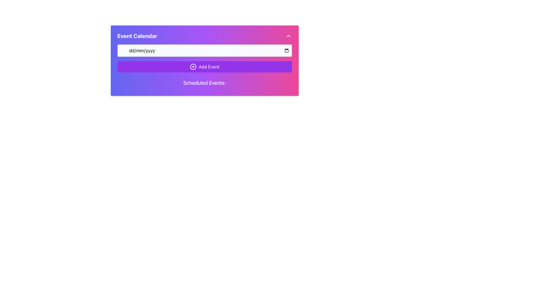 The height and width of the screenshot is (302, 537). I want to click on the Title bar element displaying 'Event Calendar' located at the top of the card component, which has a gradient background from indigo to pink, so click(204, 36).